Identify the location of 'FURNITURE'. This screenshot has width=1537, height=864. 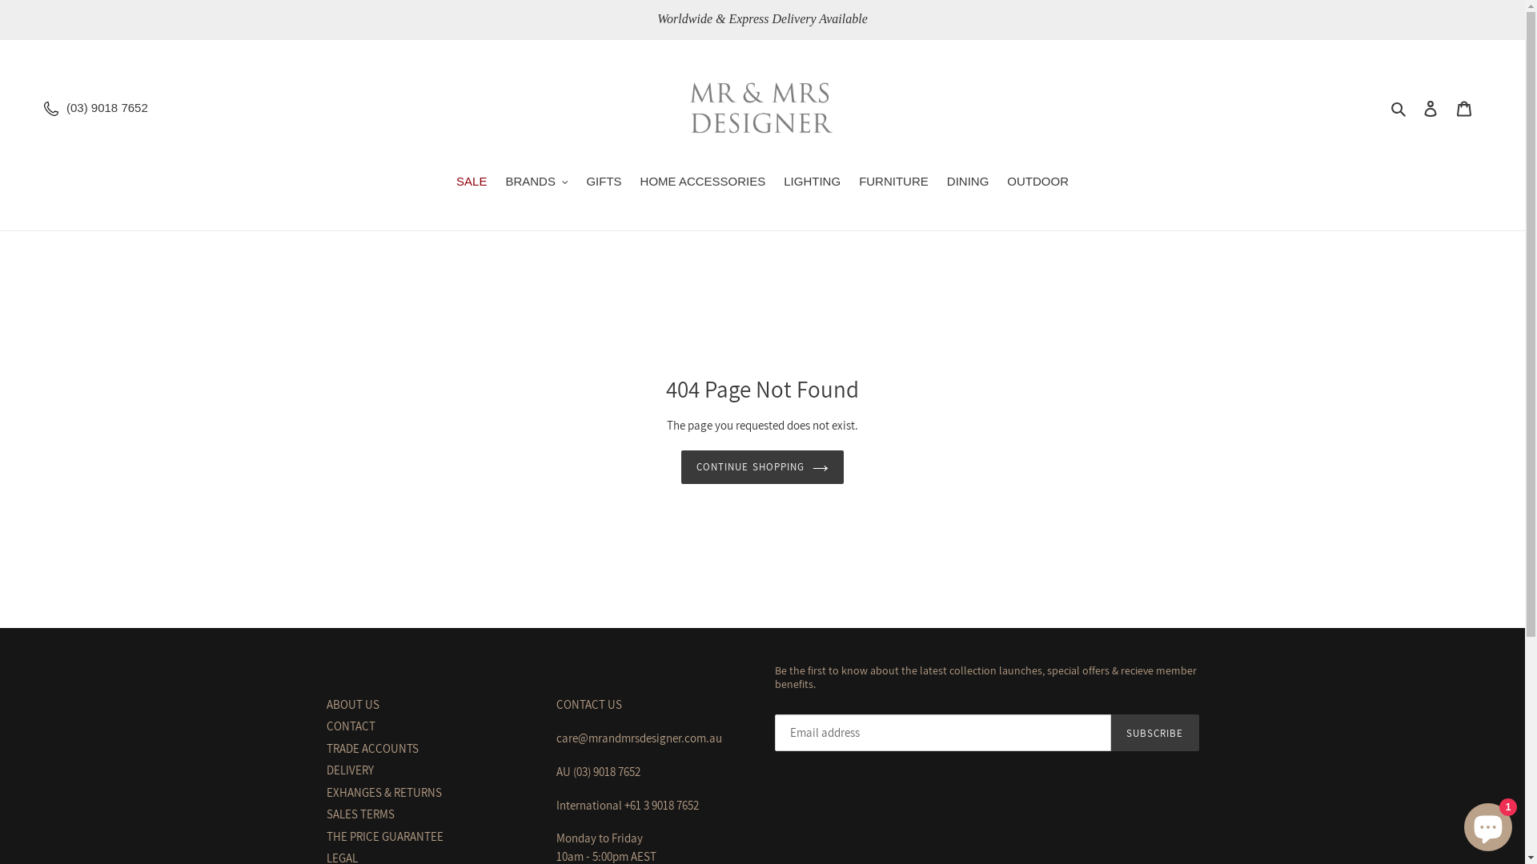
(893, 182).